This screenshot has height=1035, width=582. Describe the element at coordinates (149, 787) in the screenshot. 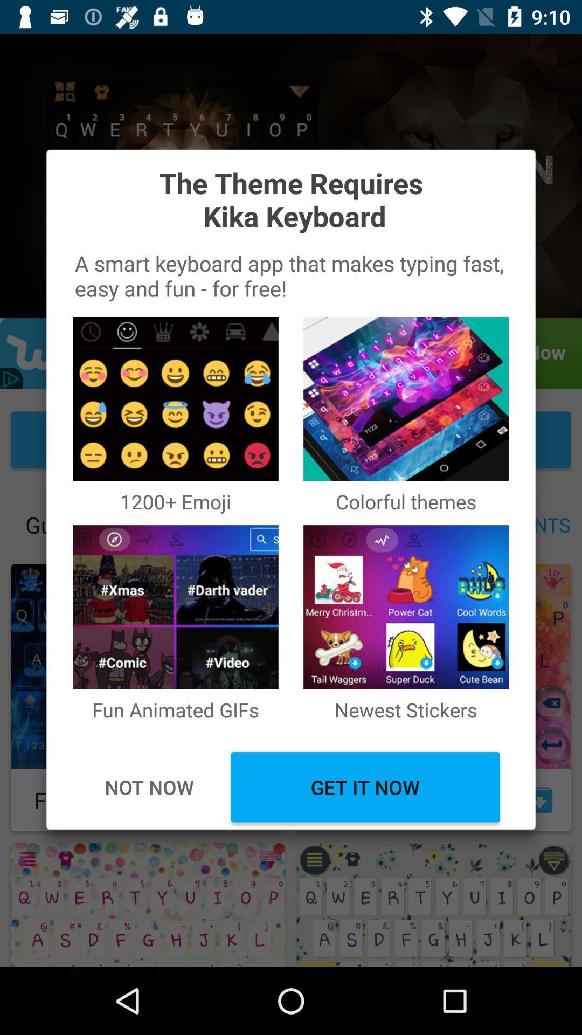

I see `item to the left of the get it now` at that location.